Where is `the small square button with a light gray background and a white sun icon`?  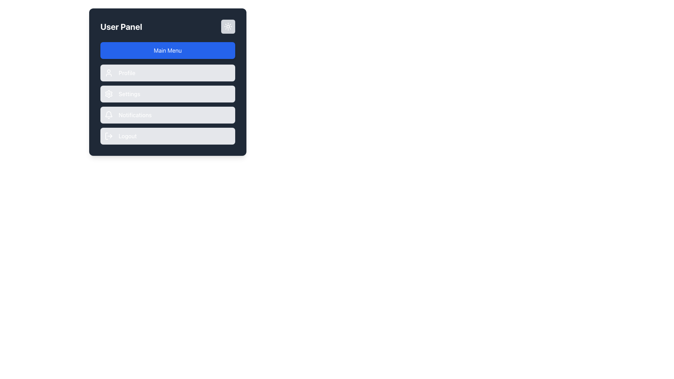 the small square button with a light gray background and a white sun icon is located at coordinates (228, 26).